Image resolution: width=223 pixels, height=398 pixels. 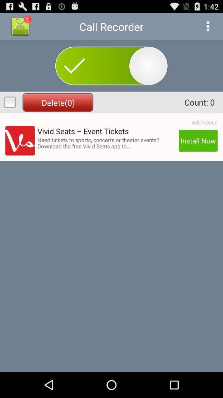 What do you see at coordinates (197, 141) in the screenshot?
I see `install now icon` at bounding box center [197, 141].